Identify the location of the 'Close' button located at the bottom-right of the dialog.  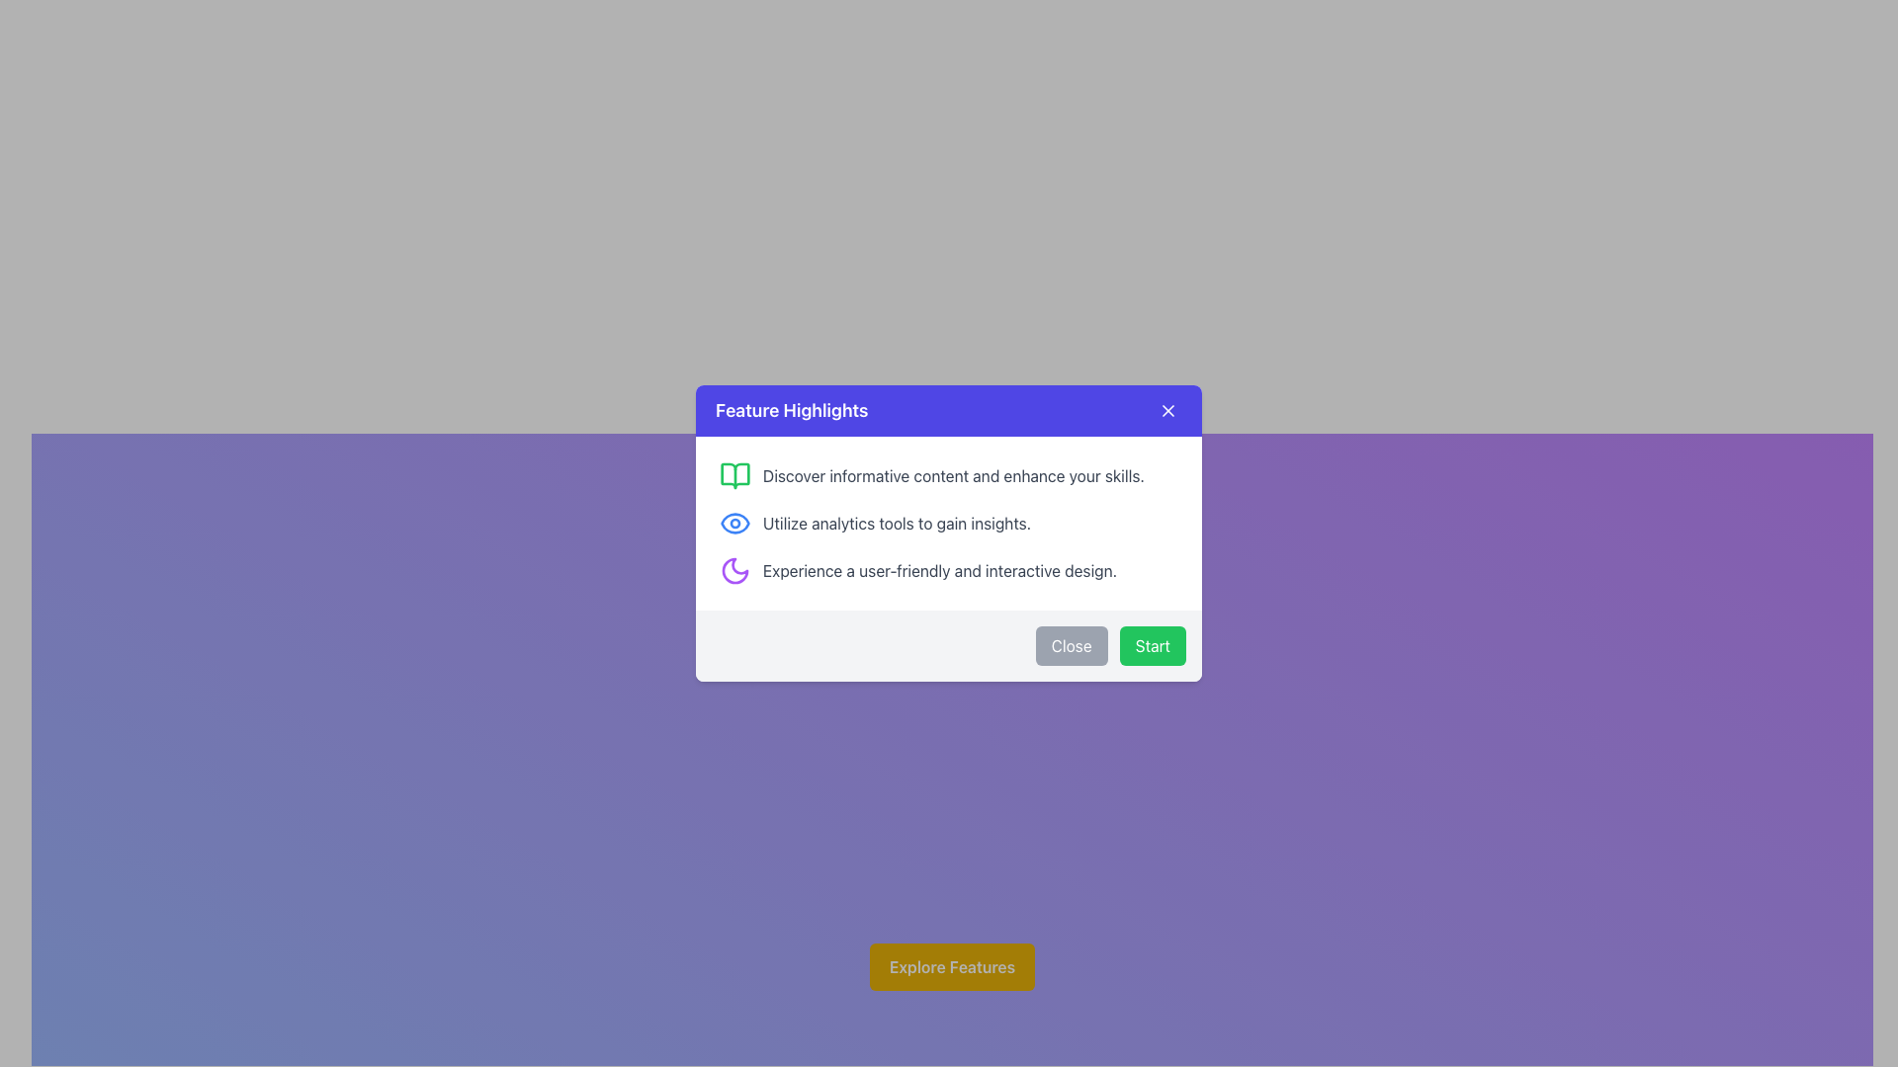
(1071, 646).